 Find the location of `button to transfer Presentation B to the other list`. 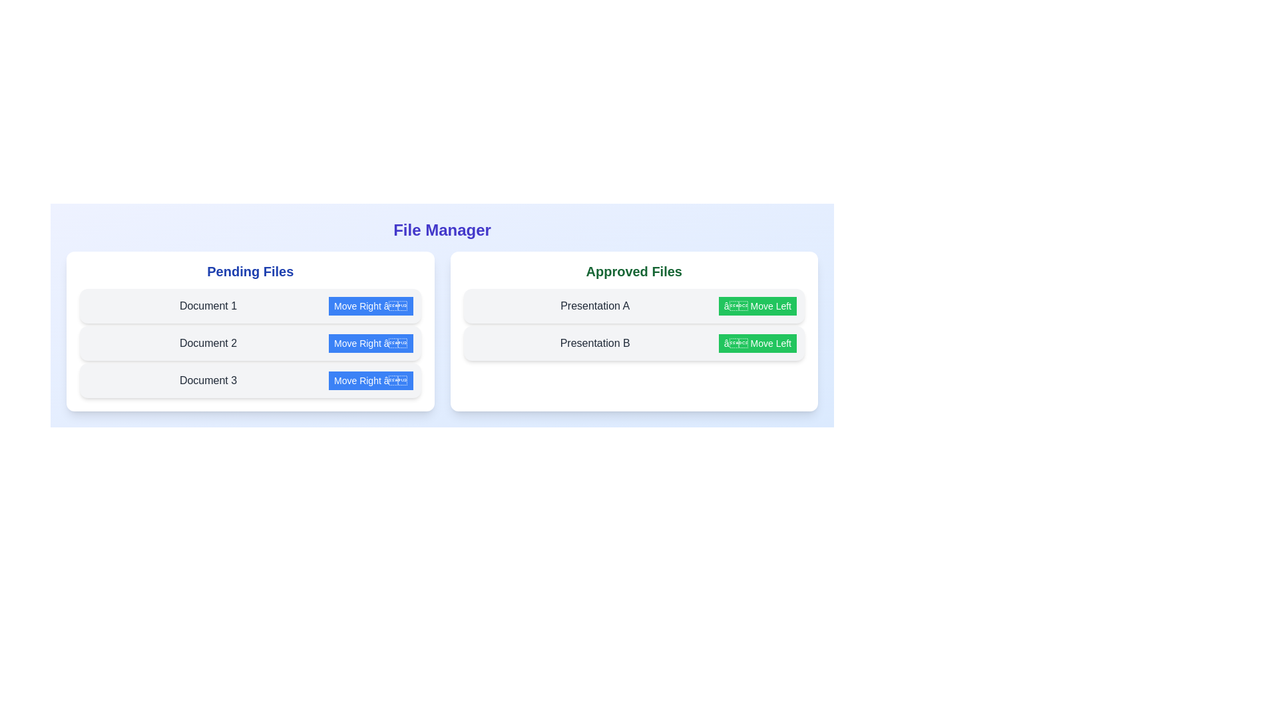

button to transfer Presentation B to the other list is located at coordinates (757, 343).